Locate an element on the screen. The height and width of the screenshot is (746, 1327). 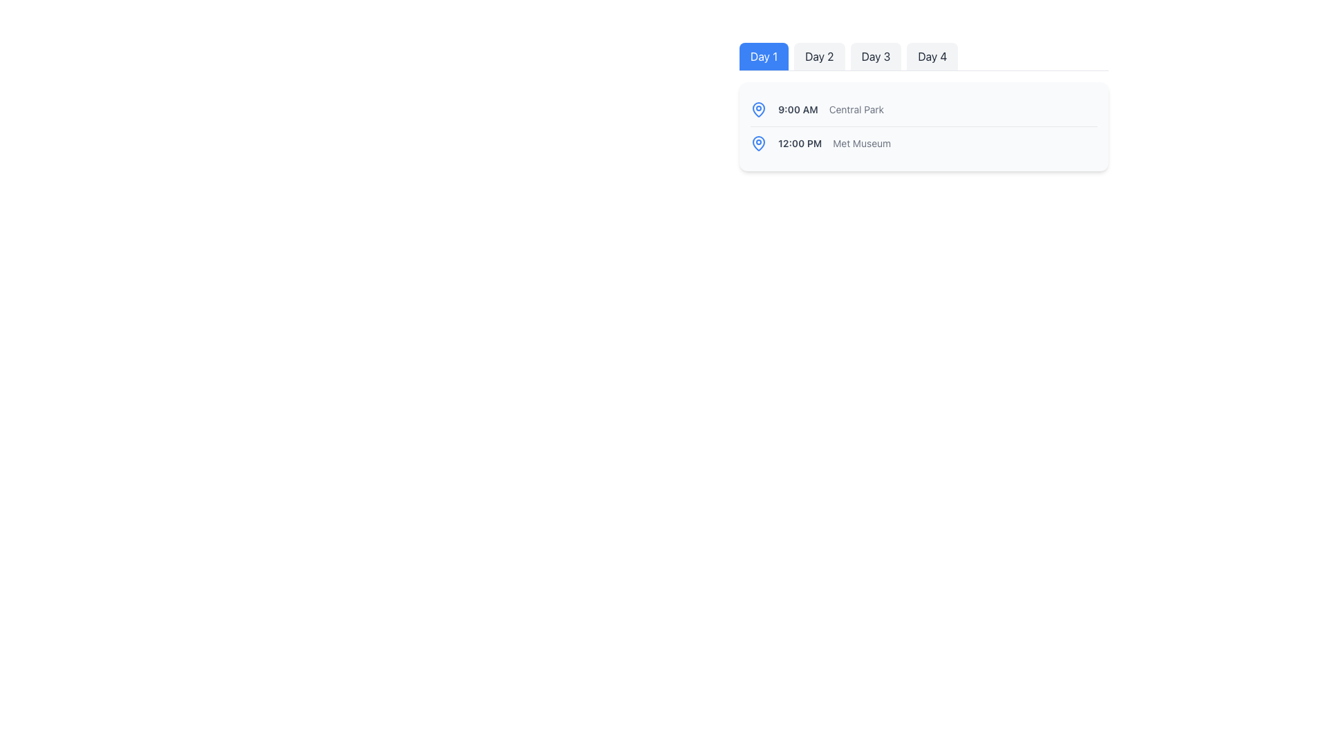
the appearance of the blue map pin icon located to the left of the text '9:00 AM Central Park' is located at coordinates (758, 108).